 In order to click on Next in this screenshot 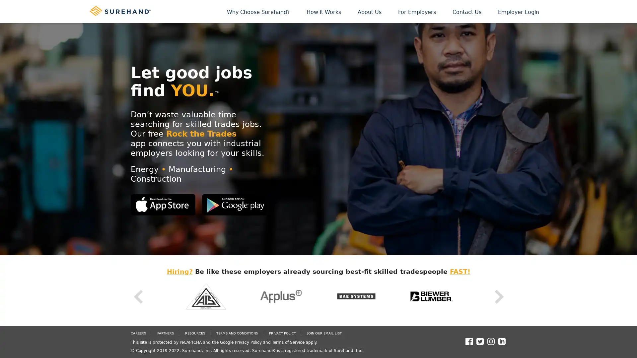, I will do `click(499, 296)`.